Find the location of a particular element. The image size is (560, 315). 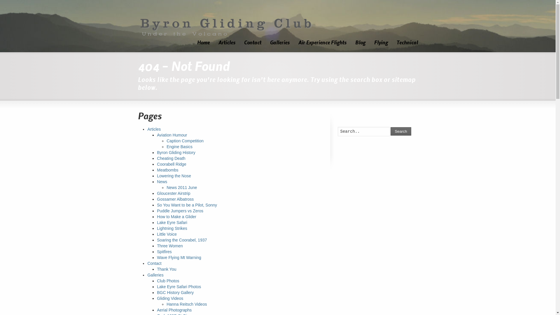

'Soaring the Coorabel, 1937' is located at coordinates (181, 240).